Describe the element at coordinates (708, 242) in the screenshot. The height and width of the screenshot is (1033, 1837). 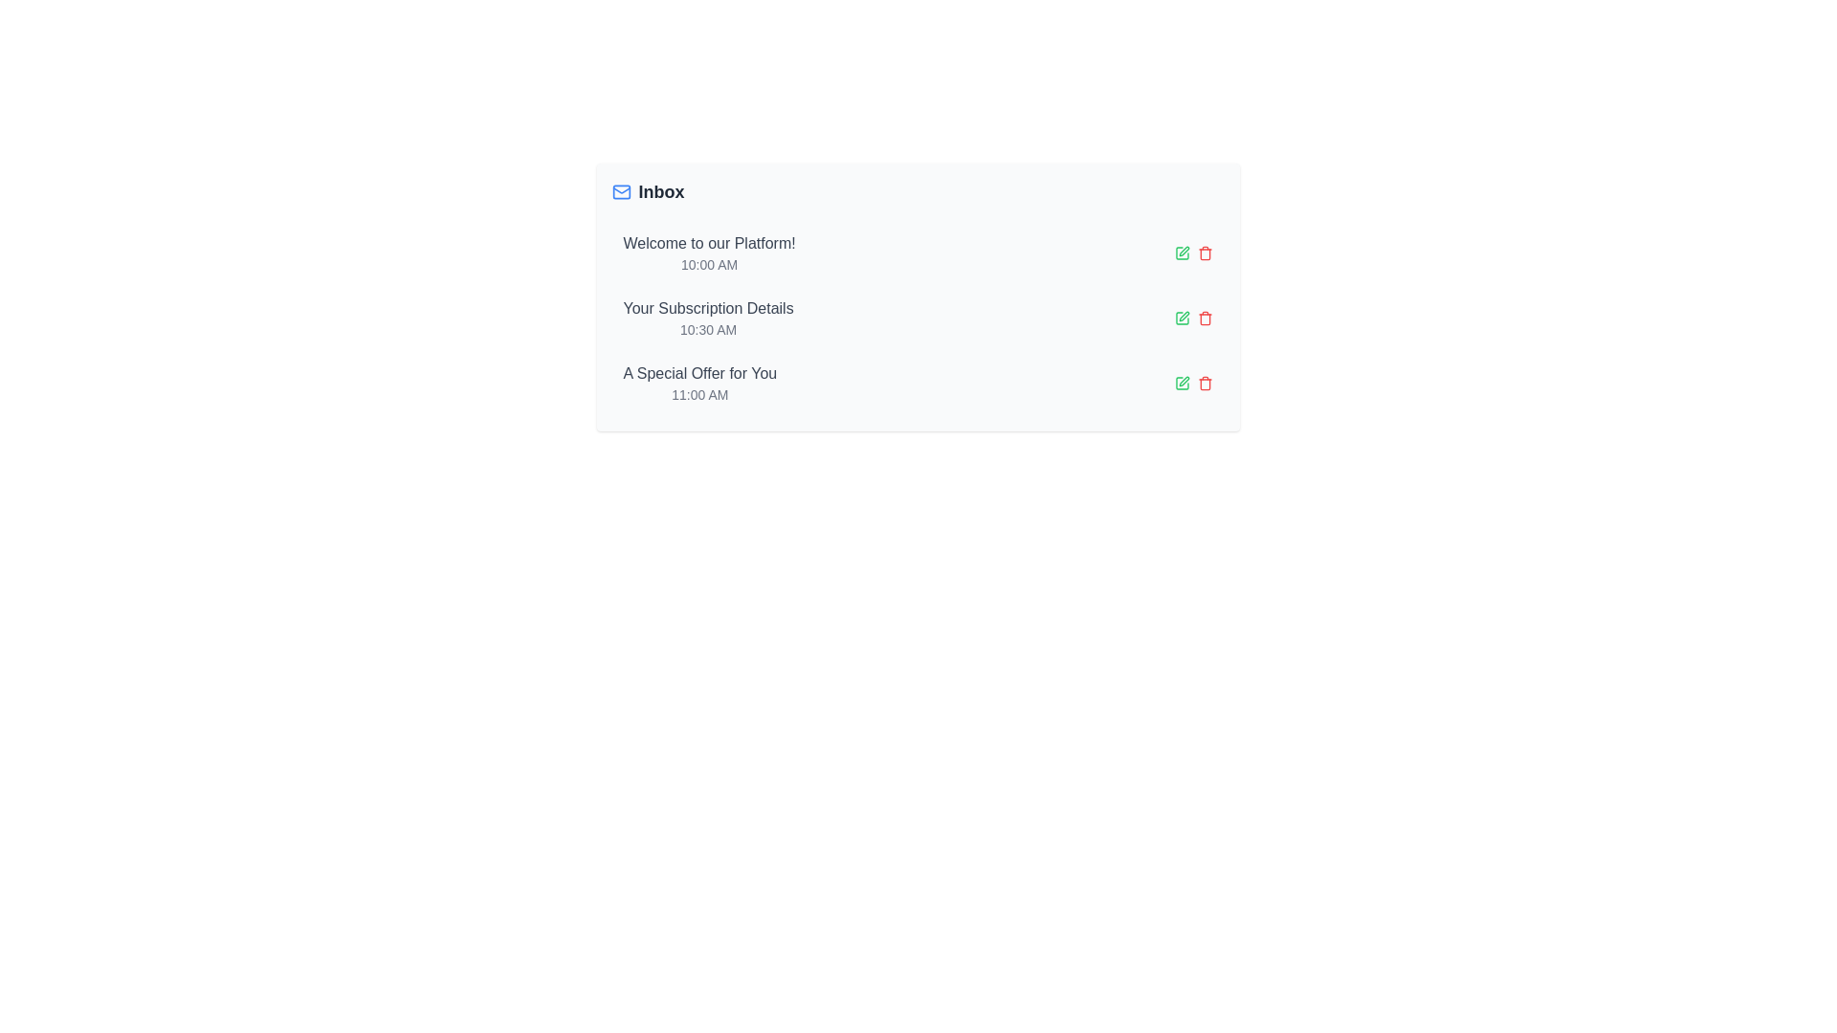
I see `the text component displaying 'Welcome to our Platform!' which is prominently positioned at the top of the 'Inbox' section` at that location.